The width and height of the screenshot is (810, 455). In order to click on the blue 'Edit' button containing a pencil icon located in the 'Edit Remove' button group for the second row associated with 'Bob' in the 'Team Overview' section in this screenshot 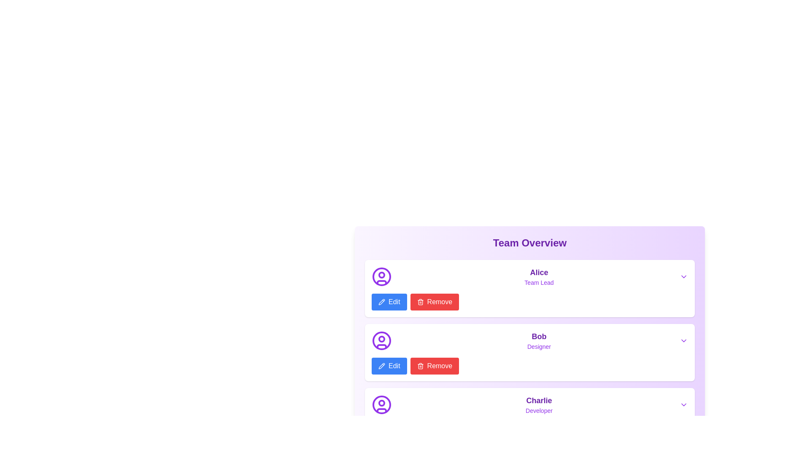, I will do `click(389, 365)`.